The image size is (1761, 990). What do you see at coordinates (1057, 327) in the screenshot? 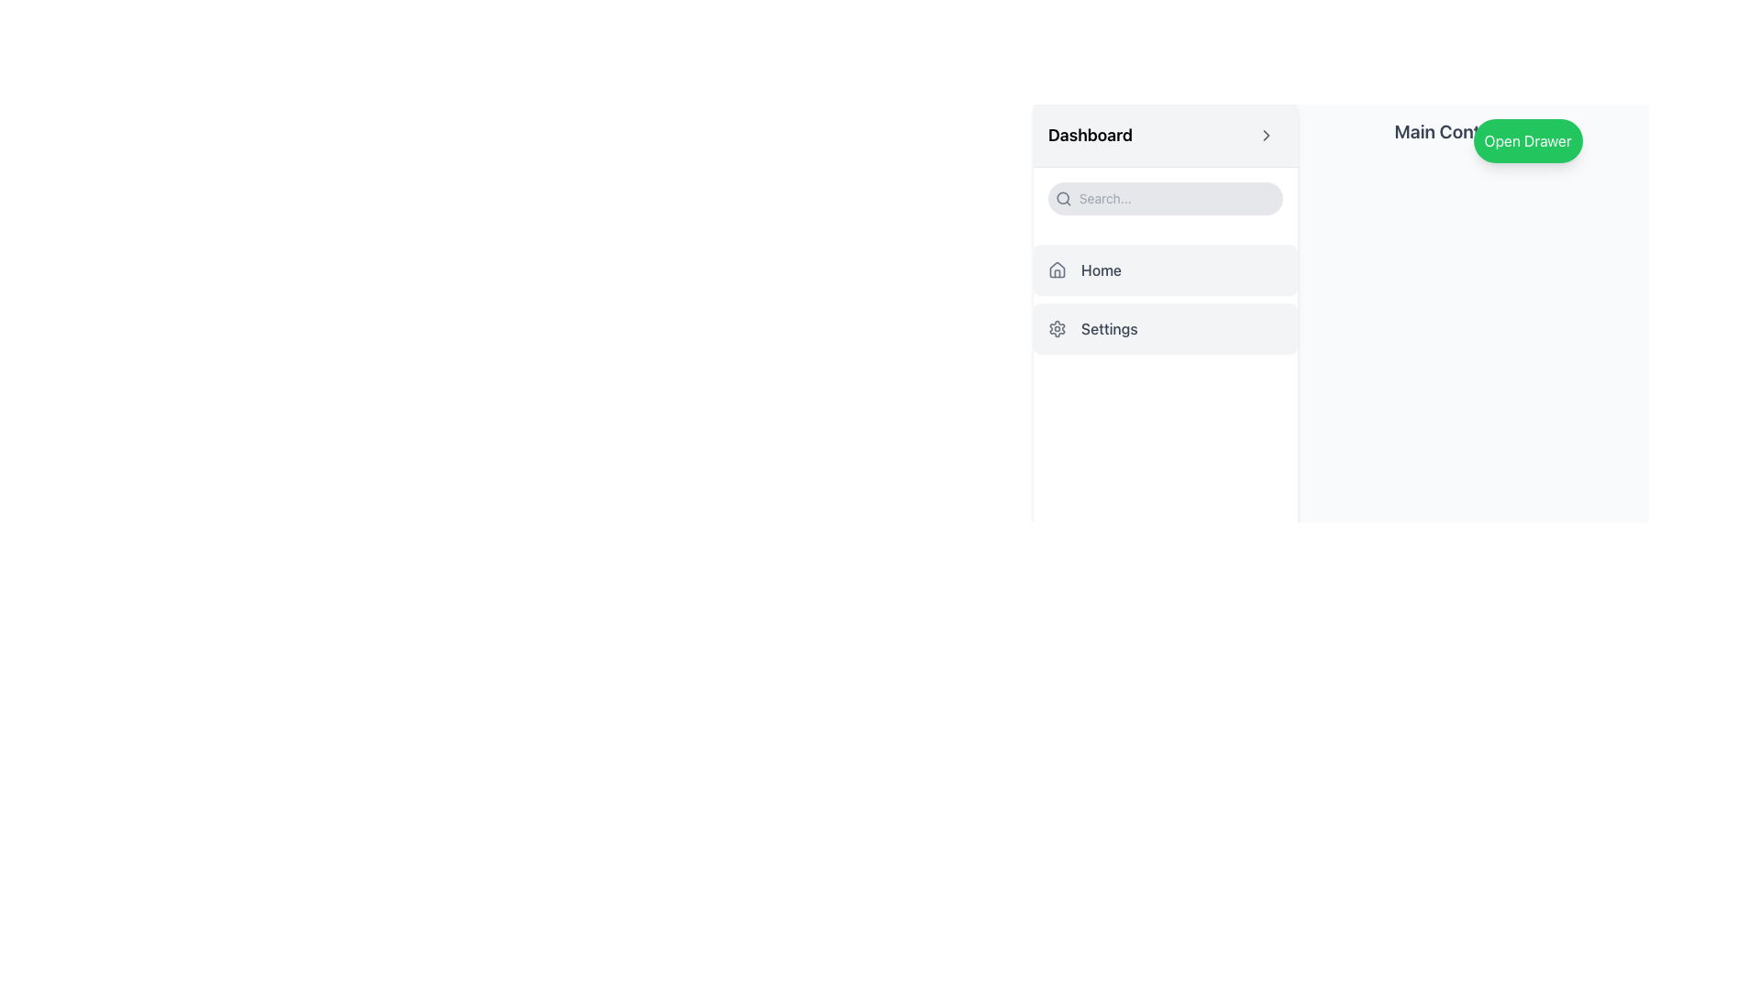
I see `the gear-like settings icon in the navigation menu` at bounding box center [1057, 327].